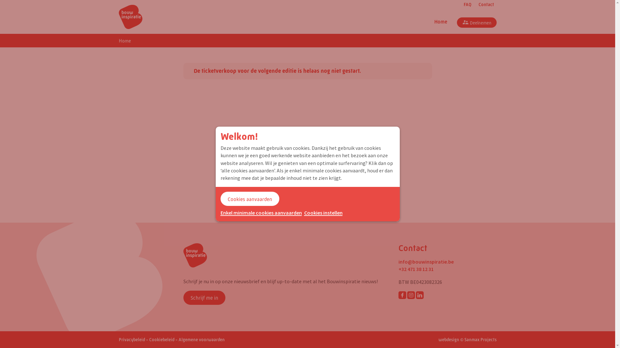 Image resolution: width=620 pixels, height=348 pixels. Describe the element at coordinates (420, 295) in the screenshot. I see `'LinkedIn'` at that location.